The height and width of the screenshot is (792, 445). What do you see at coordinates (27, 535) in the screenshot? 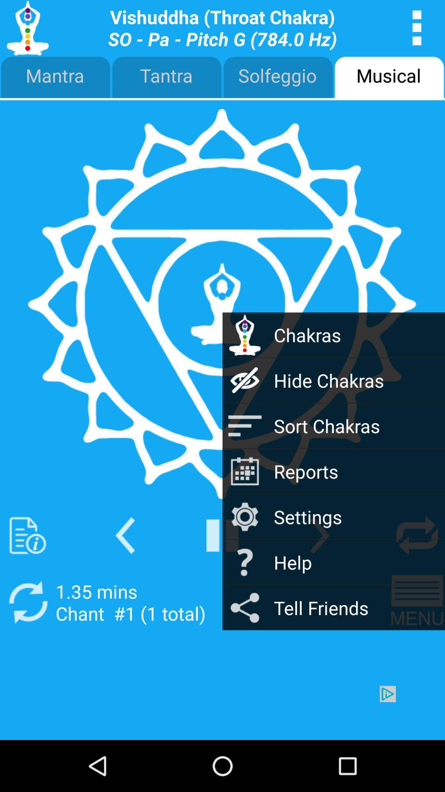
I see `notes` at bounding box center [27, 535].